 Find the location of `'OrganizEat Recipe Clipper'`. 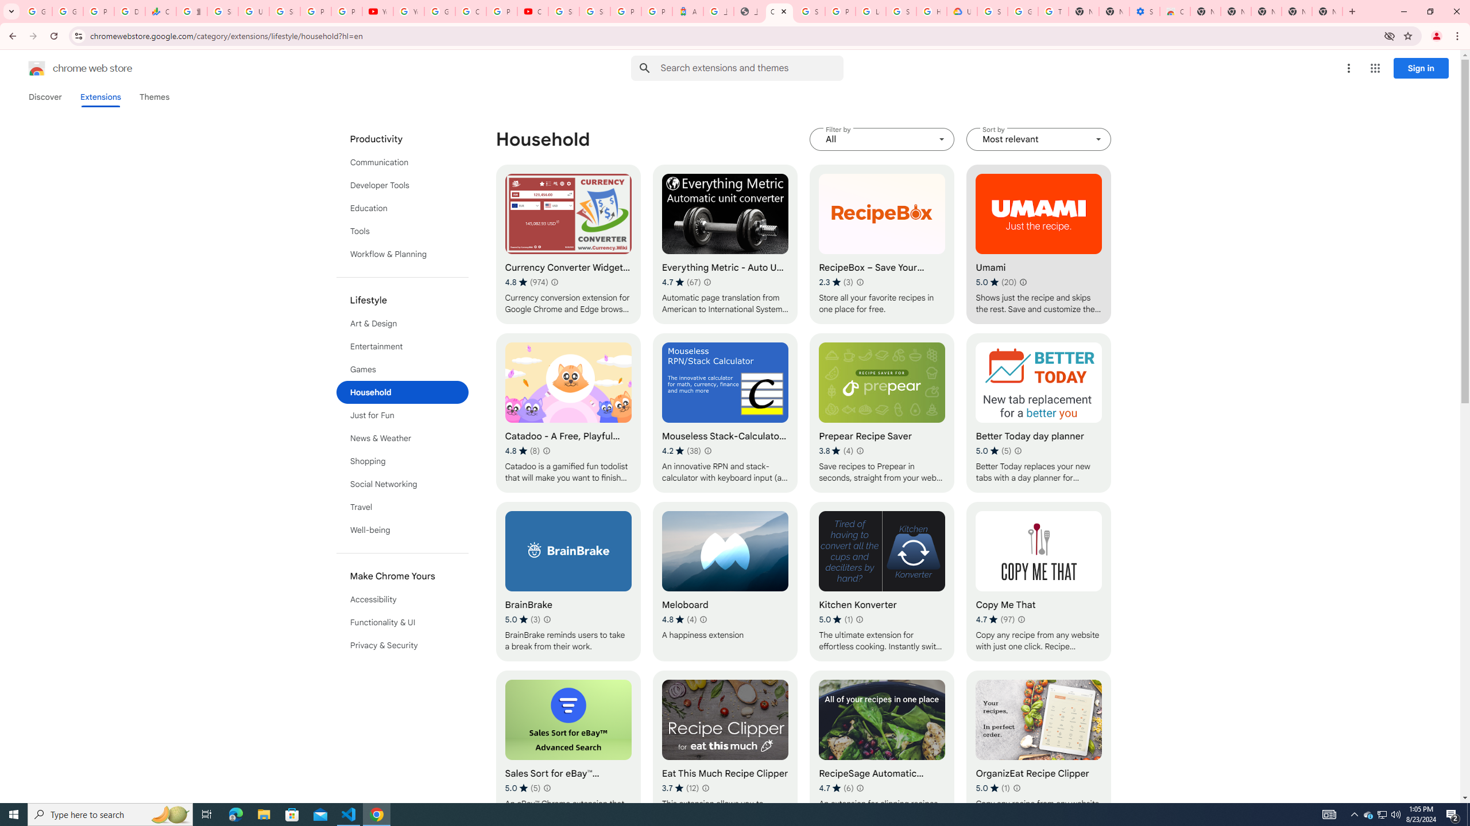

'OrganizEat Recipe Clipper' is located at coordinates (1038, 750).